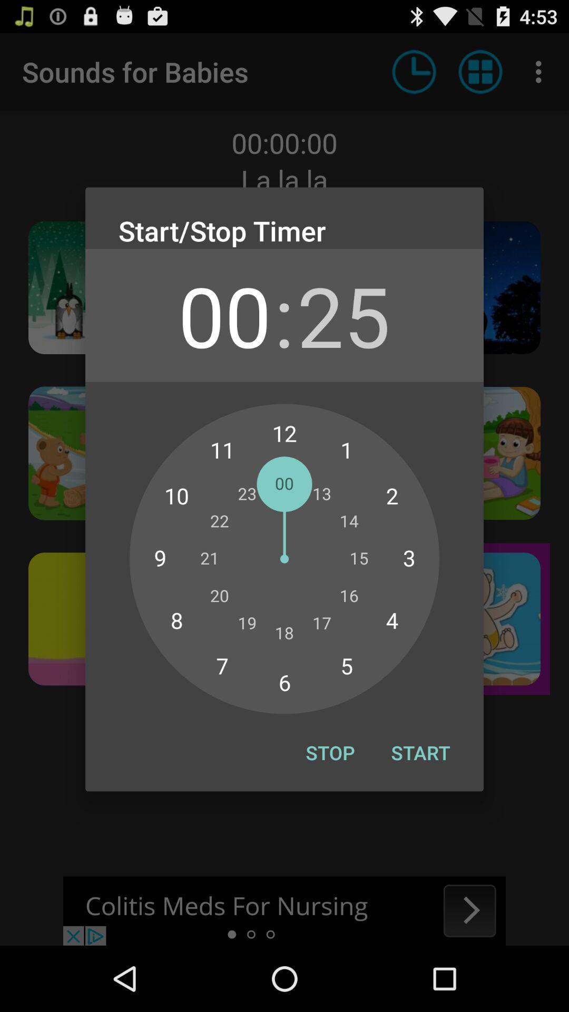 This screenshot has width=569, height=1012. What do you see at coordinates (344, 315) in the screenshot?
I see `the icon to the right of the : icon` at bounding box center [344, 315].